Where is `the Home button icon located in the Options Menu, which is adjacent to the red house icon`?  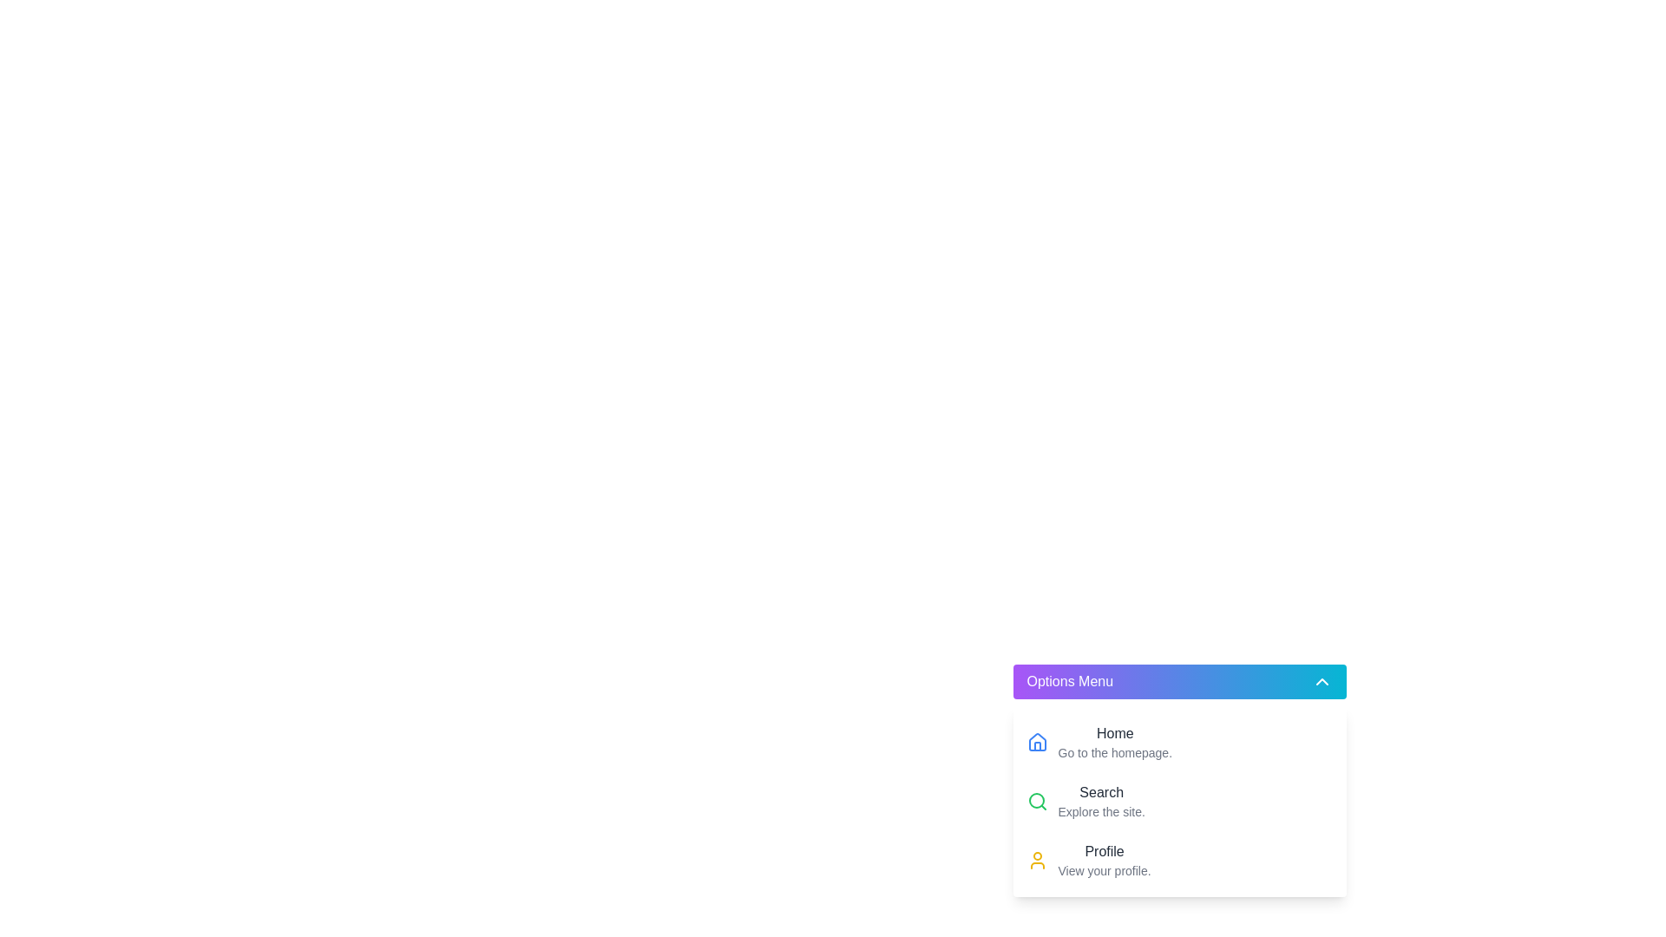
the Home button icon located in the Options Menu, which is adjacent to the red house icon is located at coordinates (1037, 742).